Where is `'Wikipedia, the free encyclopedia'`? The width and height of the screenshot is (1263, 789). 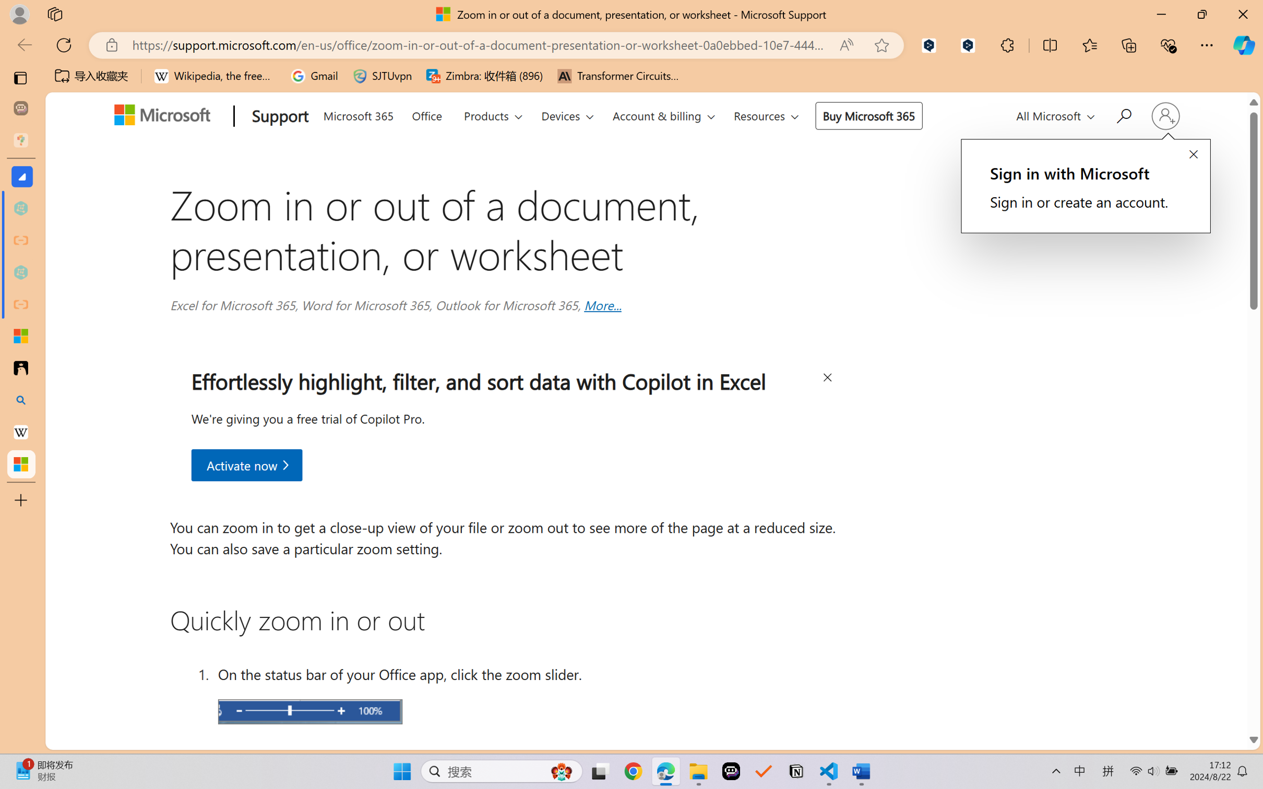
'Wikipedia, the free encyclopedia' is located at coordinates (215, 76).